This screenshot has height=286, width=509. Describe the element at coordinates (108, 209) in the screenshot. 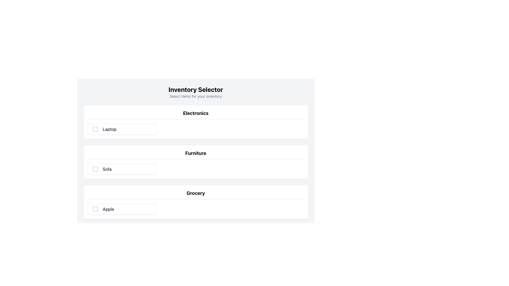

I see `label displaying 'Apple' located in the Grocery section, positioned to the right of a checkbox icon` at that location.